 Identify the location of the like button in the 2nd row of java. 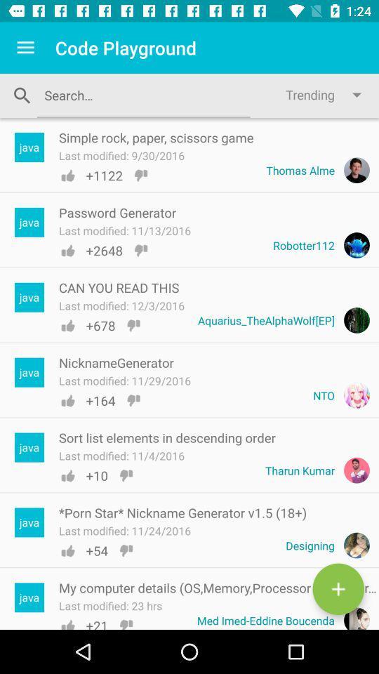
(67, 251).